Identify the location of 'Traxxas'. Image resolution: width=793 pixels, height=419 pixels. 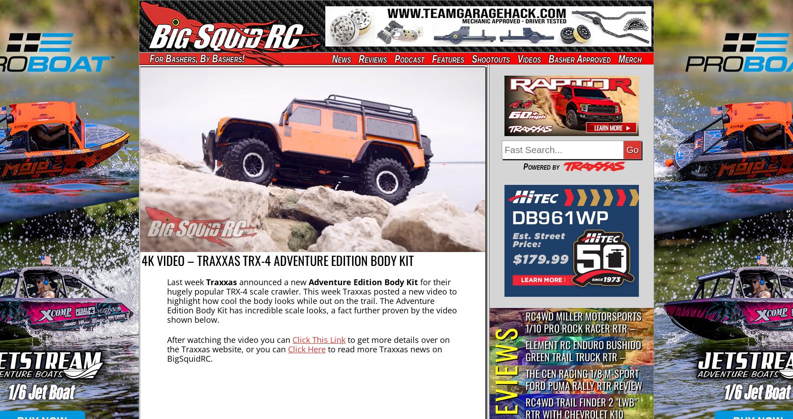
(221, 281).